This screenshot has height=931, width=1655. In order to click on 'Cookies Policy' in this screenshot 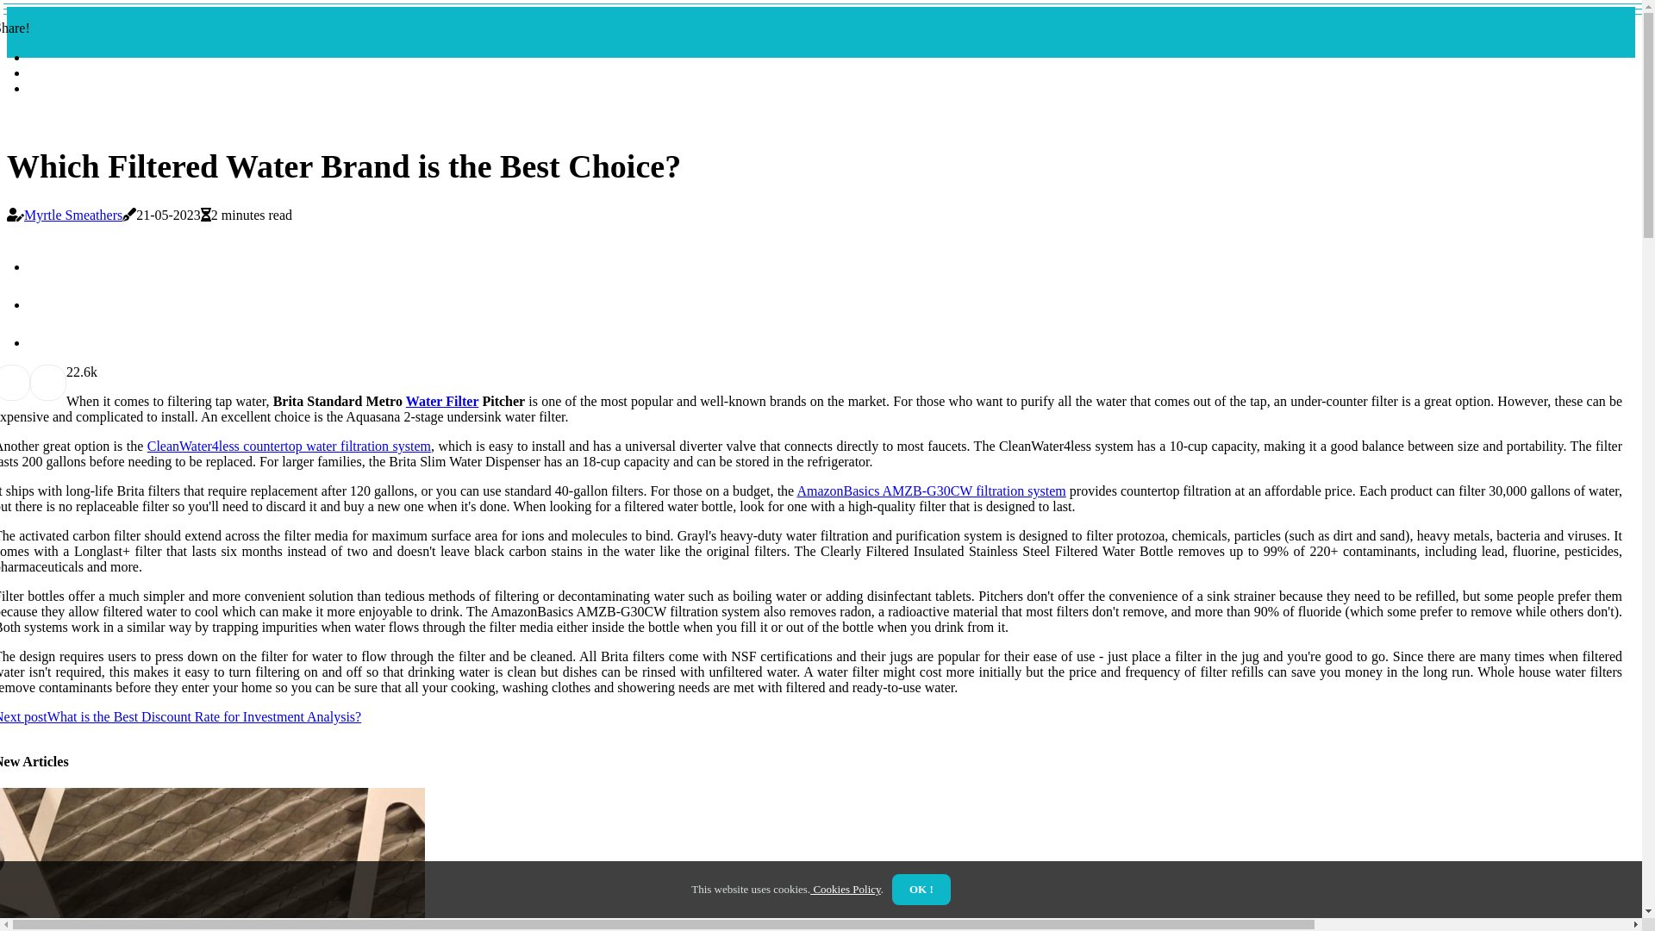, I will do `click(845, 889)`.